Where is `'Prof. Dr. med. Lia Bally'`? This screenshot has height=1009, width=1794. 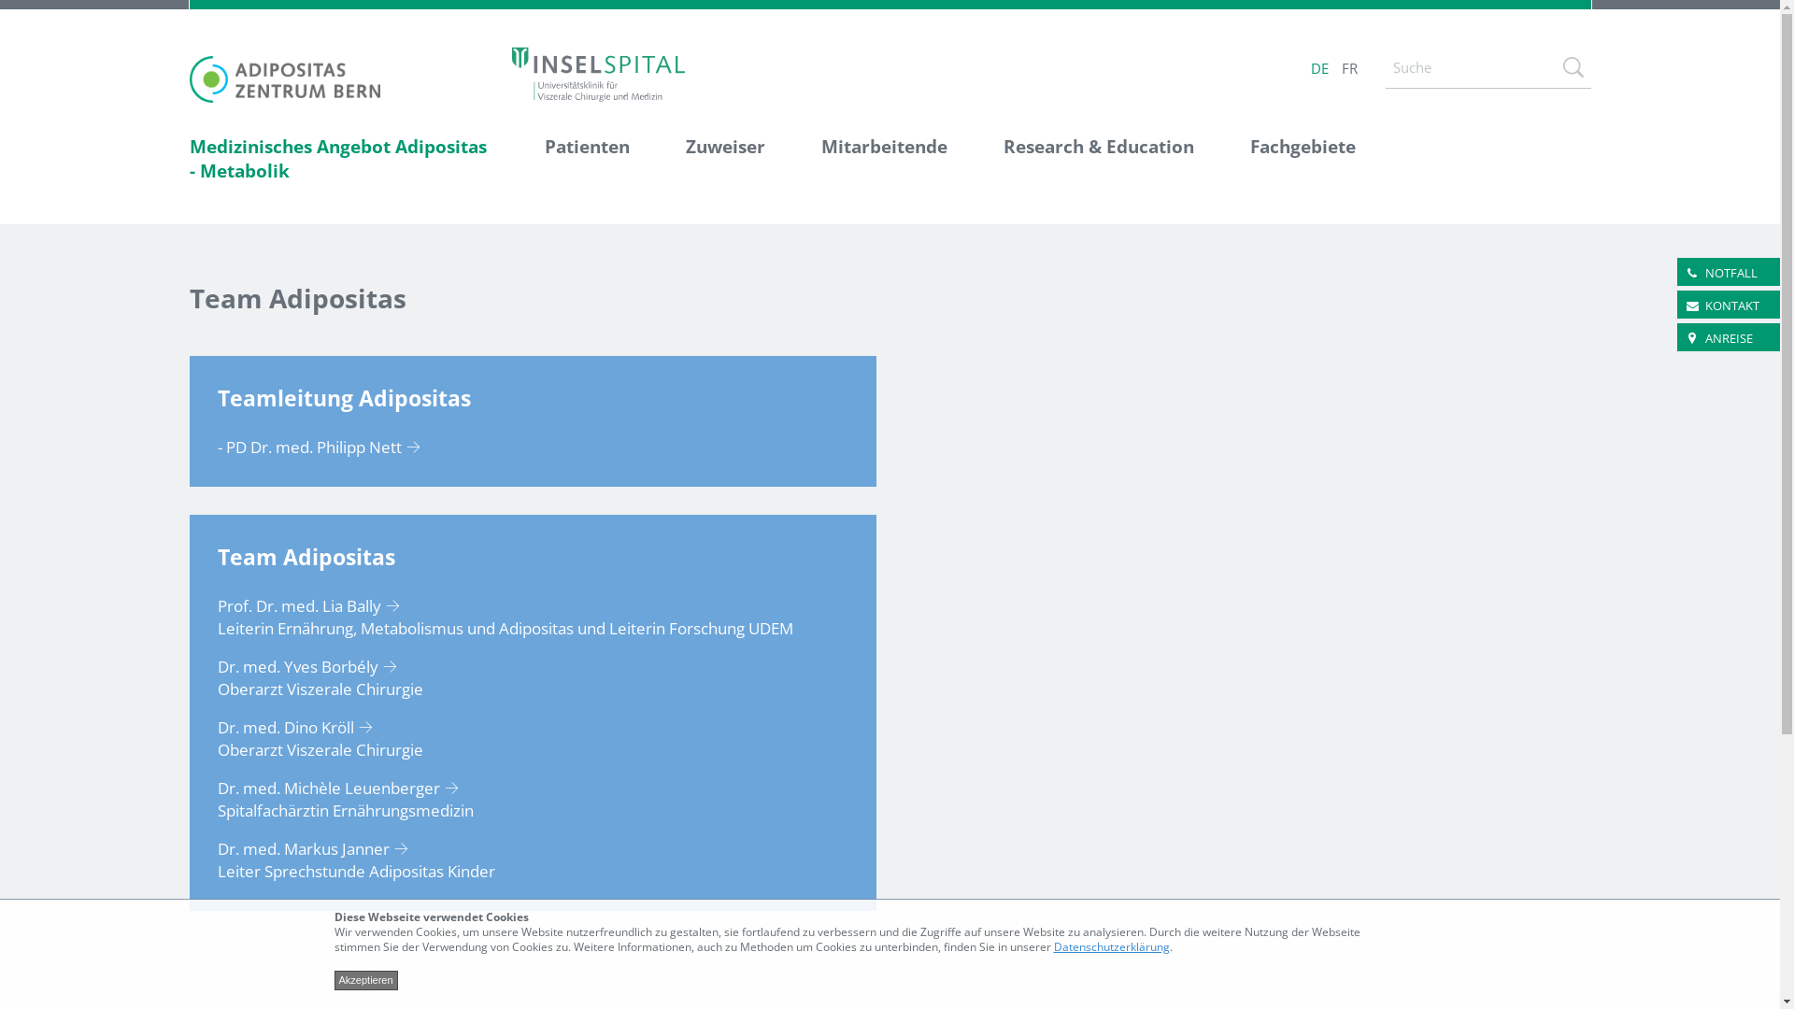
'Prof. Dr. med. Lia Bally' is located at coordinates (313, 605).